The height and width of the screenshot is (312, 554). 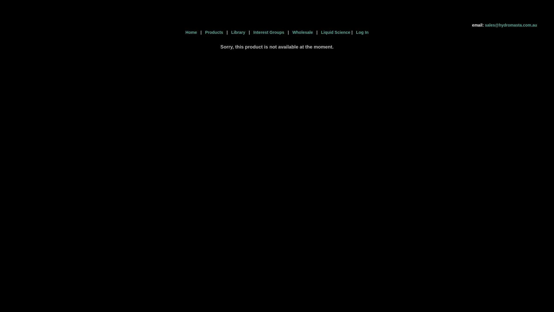 What do you see at coordinates (353, 32) in the screenshot?
I see `'  Log In'` at bounding box center [353, 32].